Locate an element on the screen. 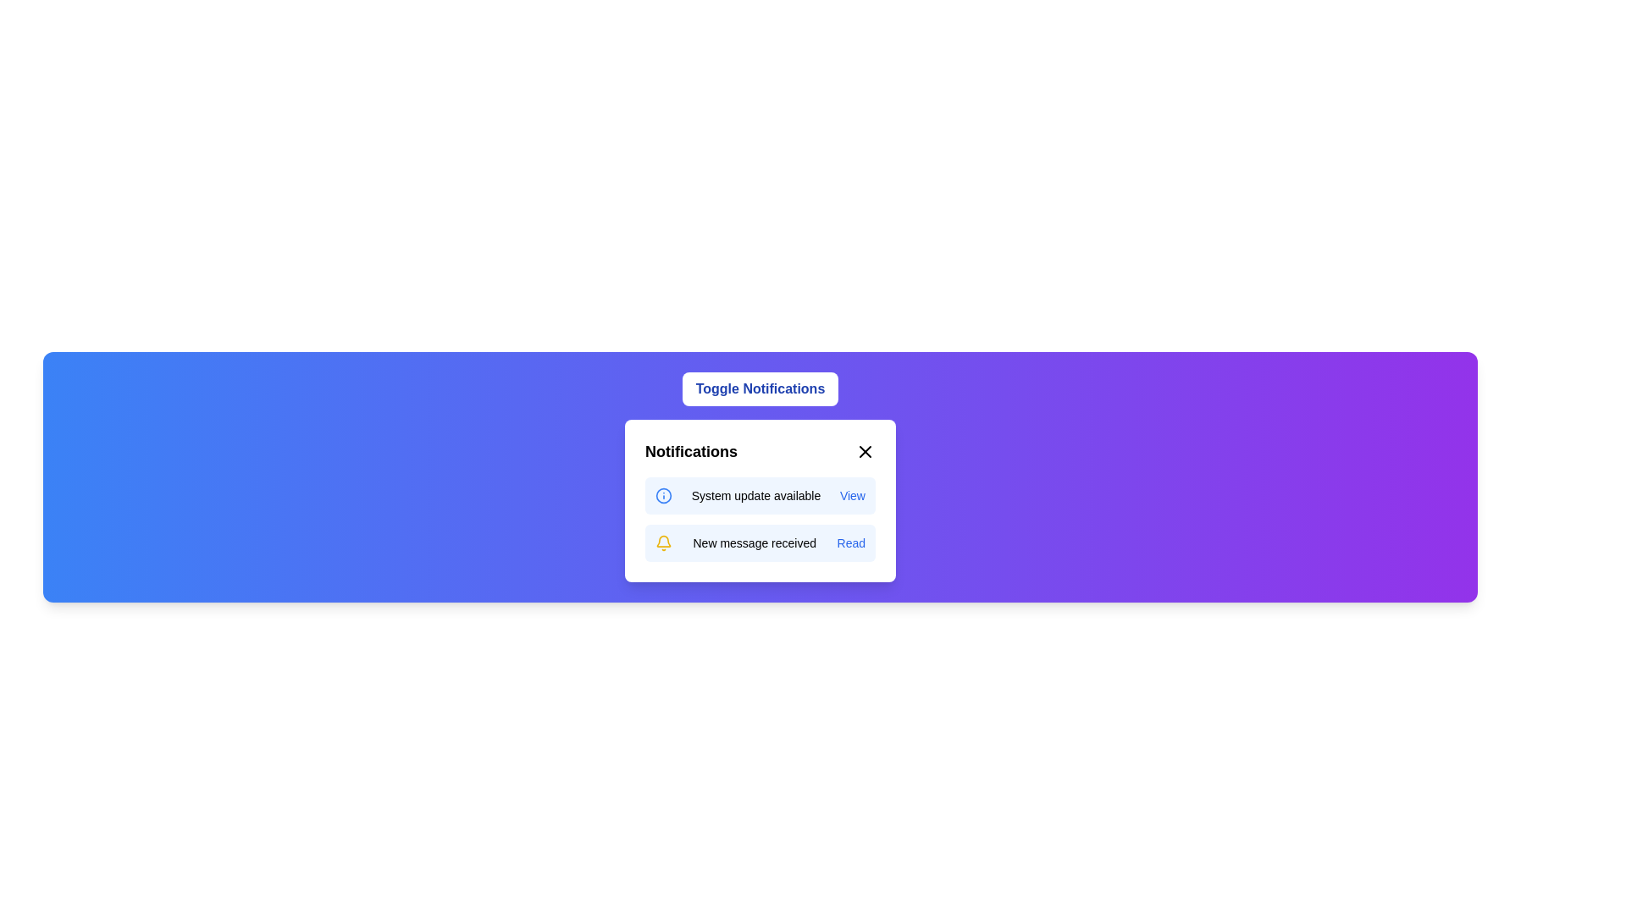  the clickable link at the top-right corner of the notification card that allows the user to mark a message as read or view the new message content is located at coordinates (851, 542).